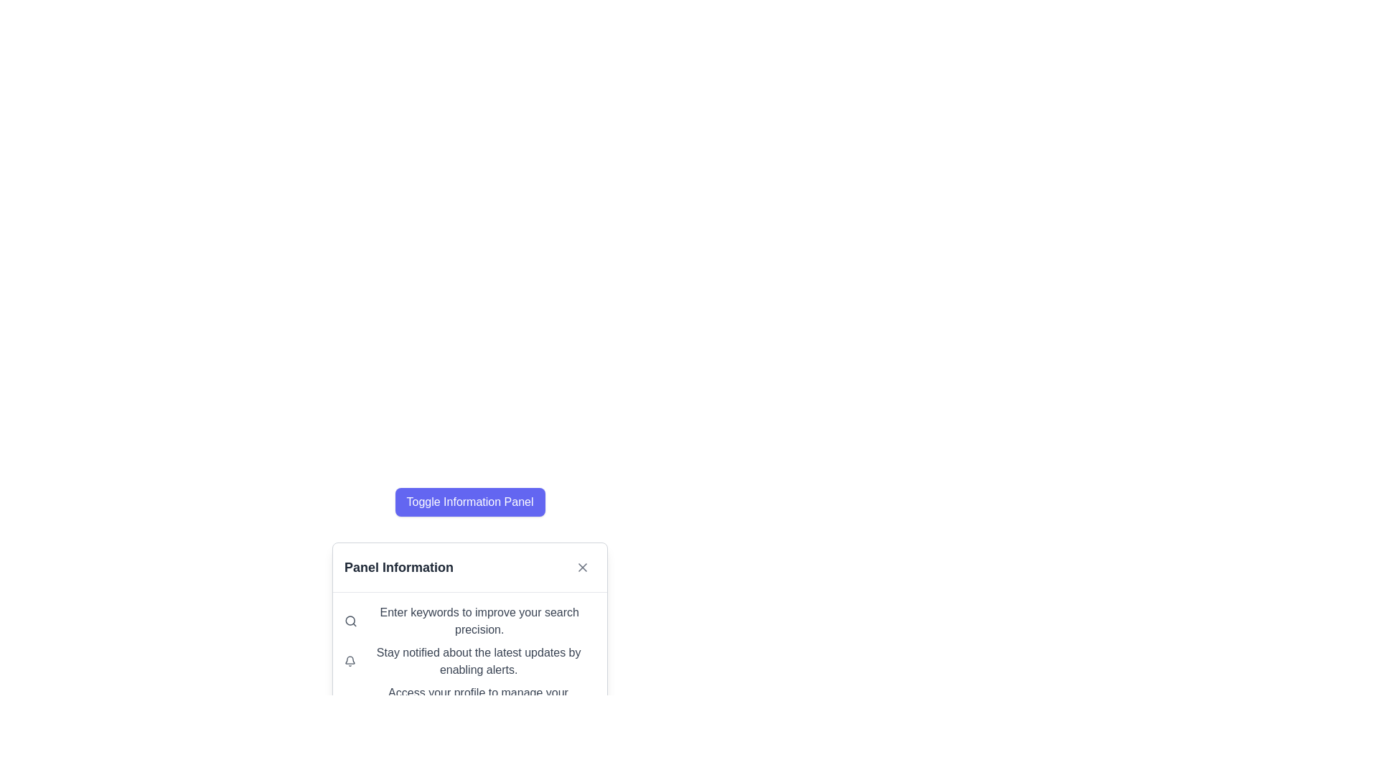 The width and height of the screenshot is (1378, 775). Describe the element at coordinates (582, 566) in the screenshot. I see `the 'X' icon button located at the top-right corner of the 'Panel Information' card to observe its hover effect` at that location.